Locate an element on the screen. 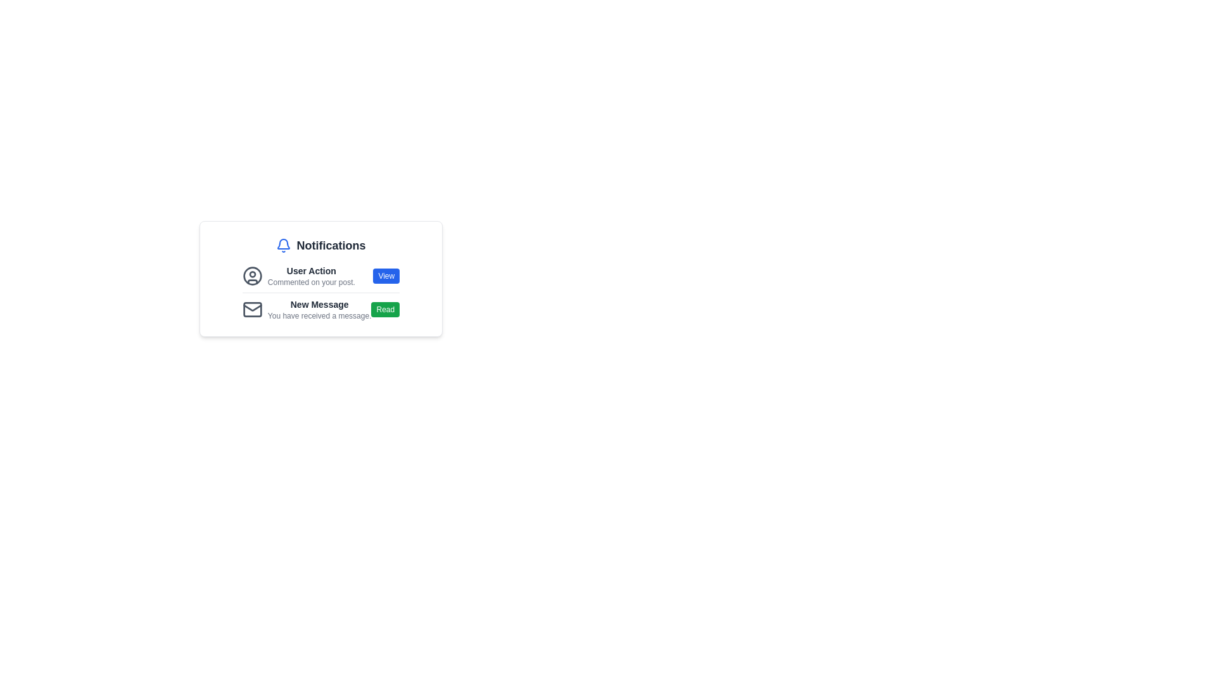 The image size is (1216, 684). the green button labeled 'Read' which is is located at coordinates (384, 310).